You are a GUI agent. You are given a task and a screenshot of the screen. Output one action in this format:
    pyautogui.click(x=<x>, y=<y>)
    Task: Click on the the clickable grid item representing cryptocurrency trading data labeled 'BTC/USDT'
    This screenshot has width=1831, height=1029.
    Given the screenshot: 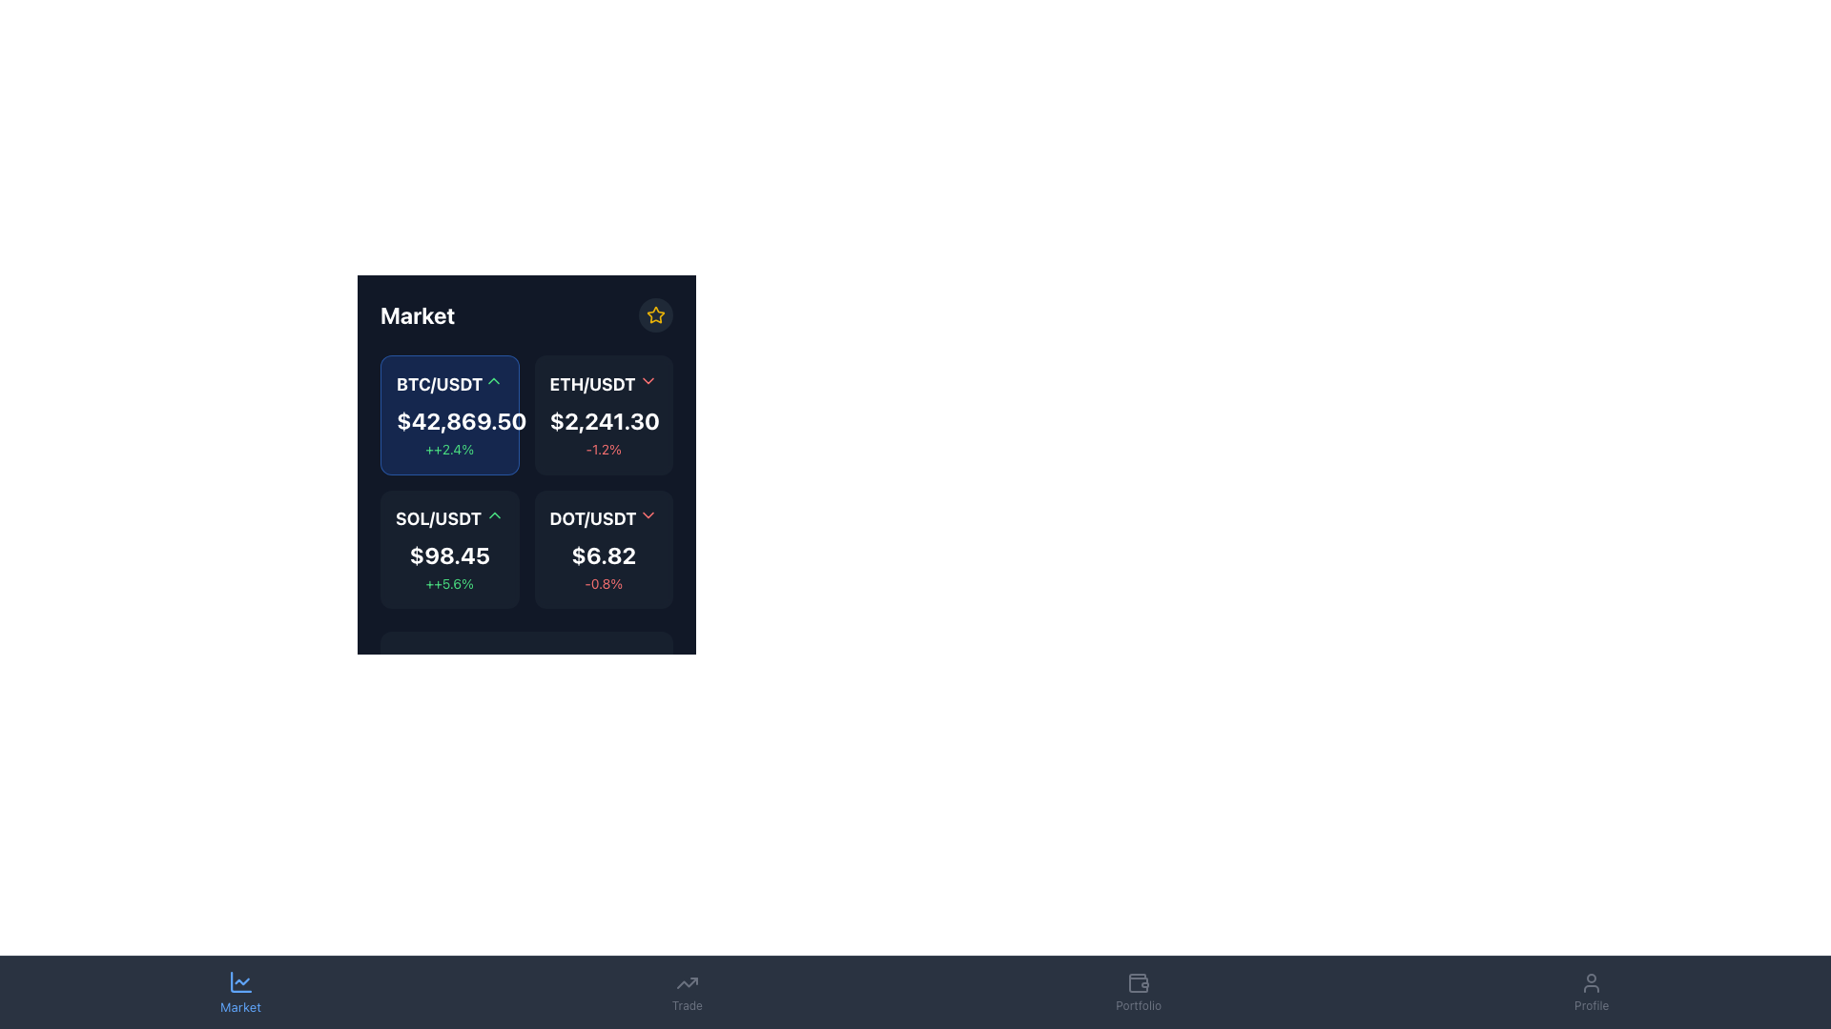 What is the action you would take?
    pyautogui.click(x=448, y=414)
    